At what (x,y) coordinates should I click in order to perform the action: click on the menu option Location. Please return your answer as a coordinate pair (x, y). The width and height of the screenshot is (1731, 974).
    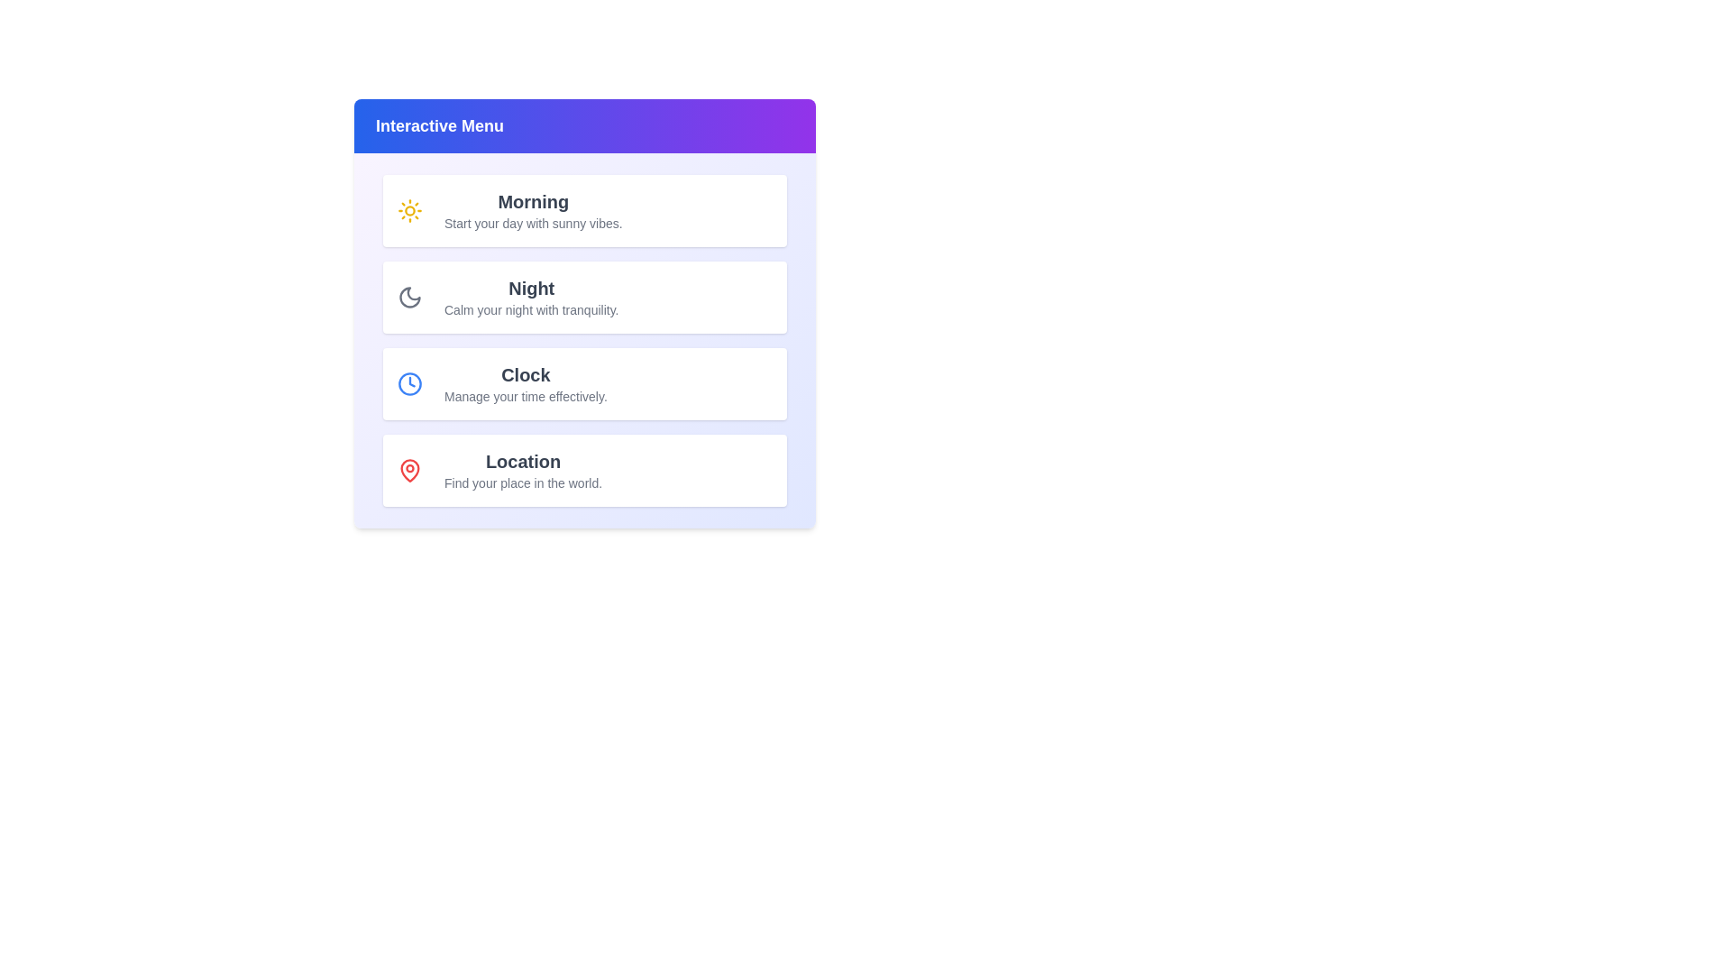
    Looking at the image, I should click on (584, 469).